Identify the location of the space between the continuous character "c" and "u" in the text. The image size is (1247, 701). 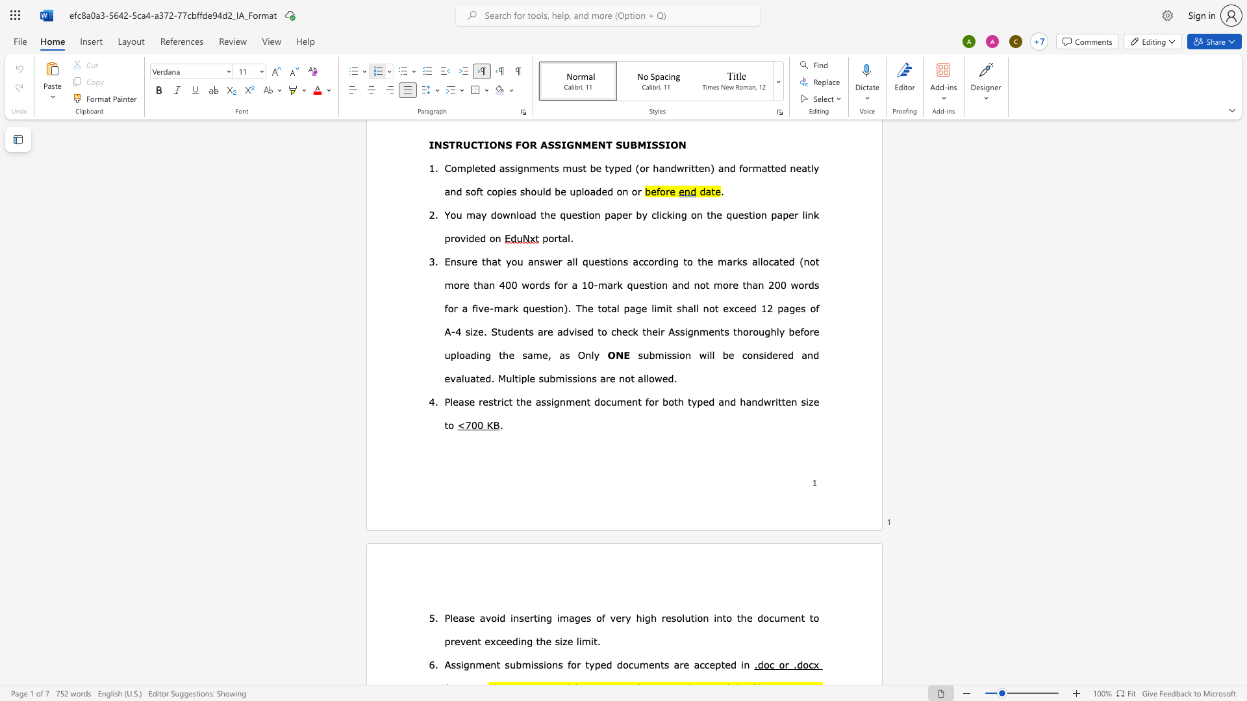
(774, 617).